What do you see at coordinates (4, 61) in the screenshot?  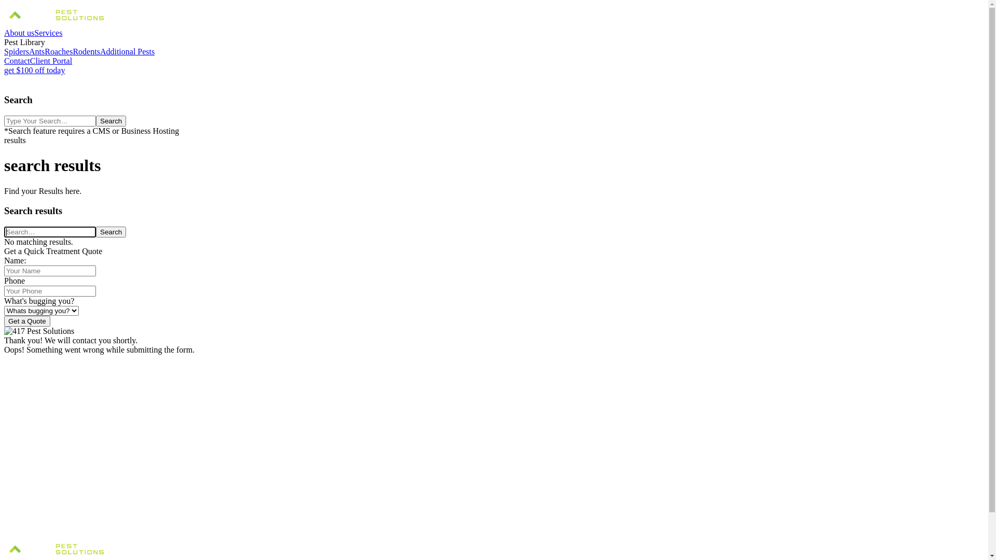 I see `'Contact'` at bounding box center [4, 61].